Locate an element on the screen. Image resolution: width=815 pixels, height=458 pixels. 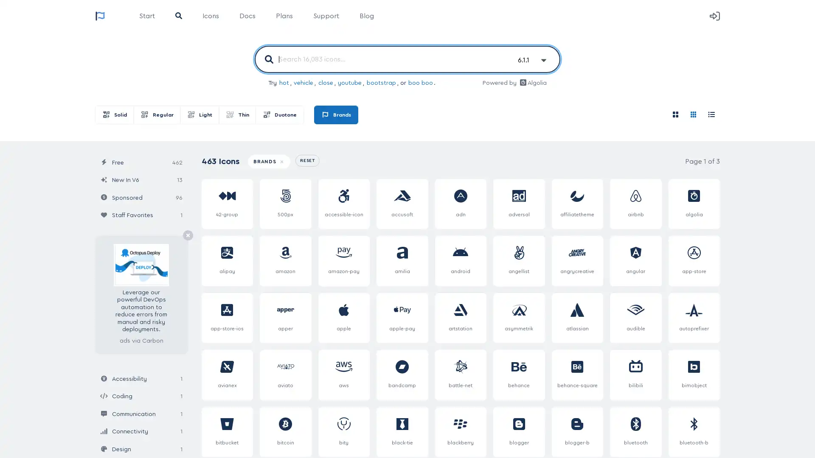
youtube is located at coordinates (350, 83).